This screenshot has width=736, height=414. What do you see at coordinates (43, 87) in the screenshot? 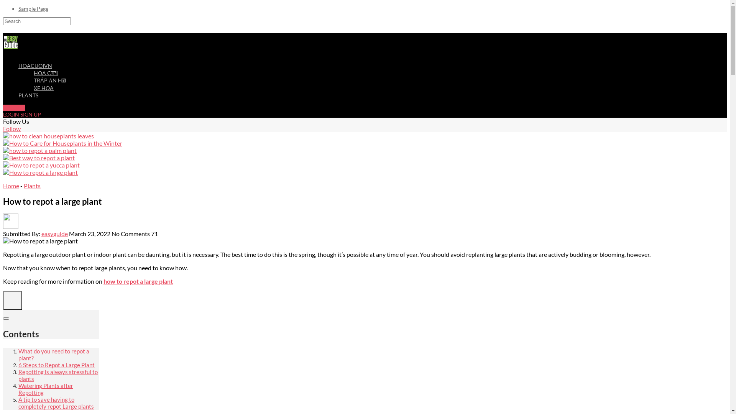
I see `'XE HOA'` at bounding box center [43, 87].